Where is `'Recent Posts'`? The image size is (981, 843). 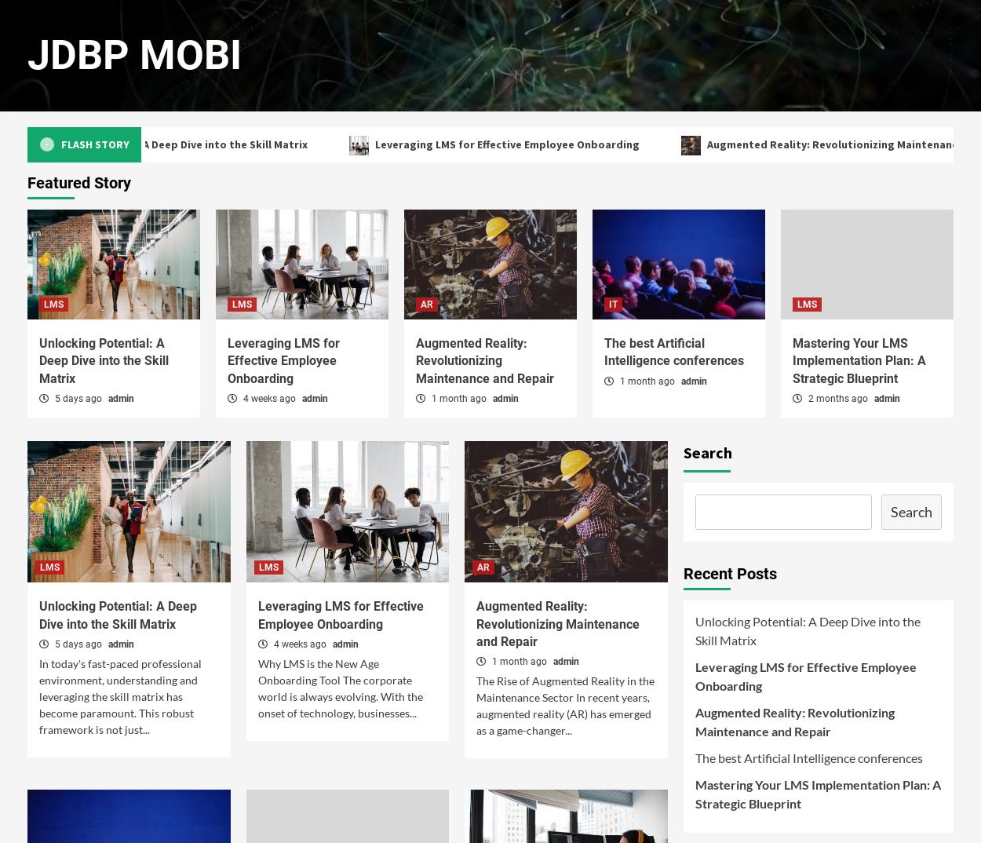
'Recent Posts' is located at coordinates (730, 573).